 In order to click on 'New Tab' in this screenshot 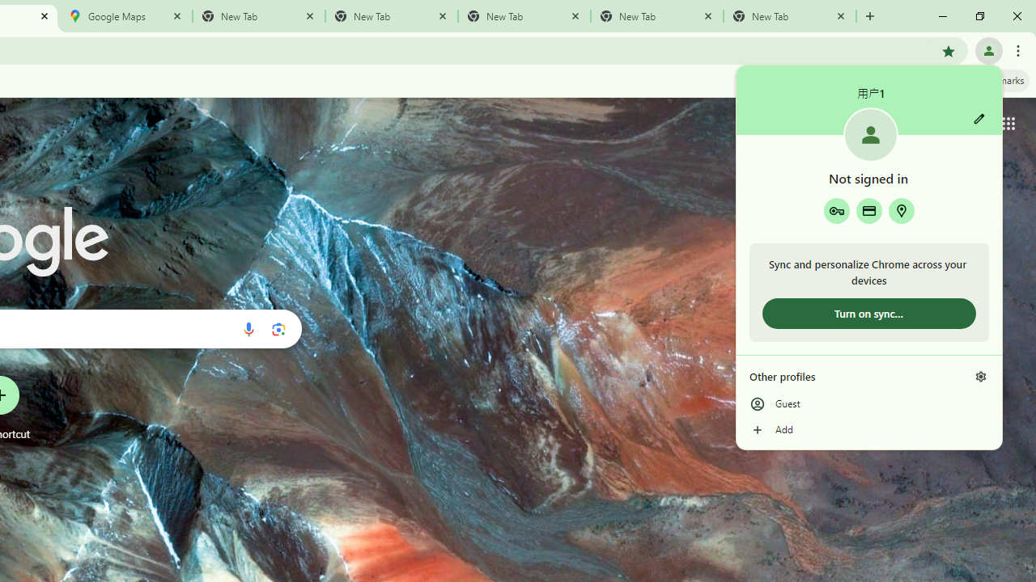, I will do `click(790, 16)`.